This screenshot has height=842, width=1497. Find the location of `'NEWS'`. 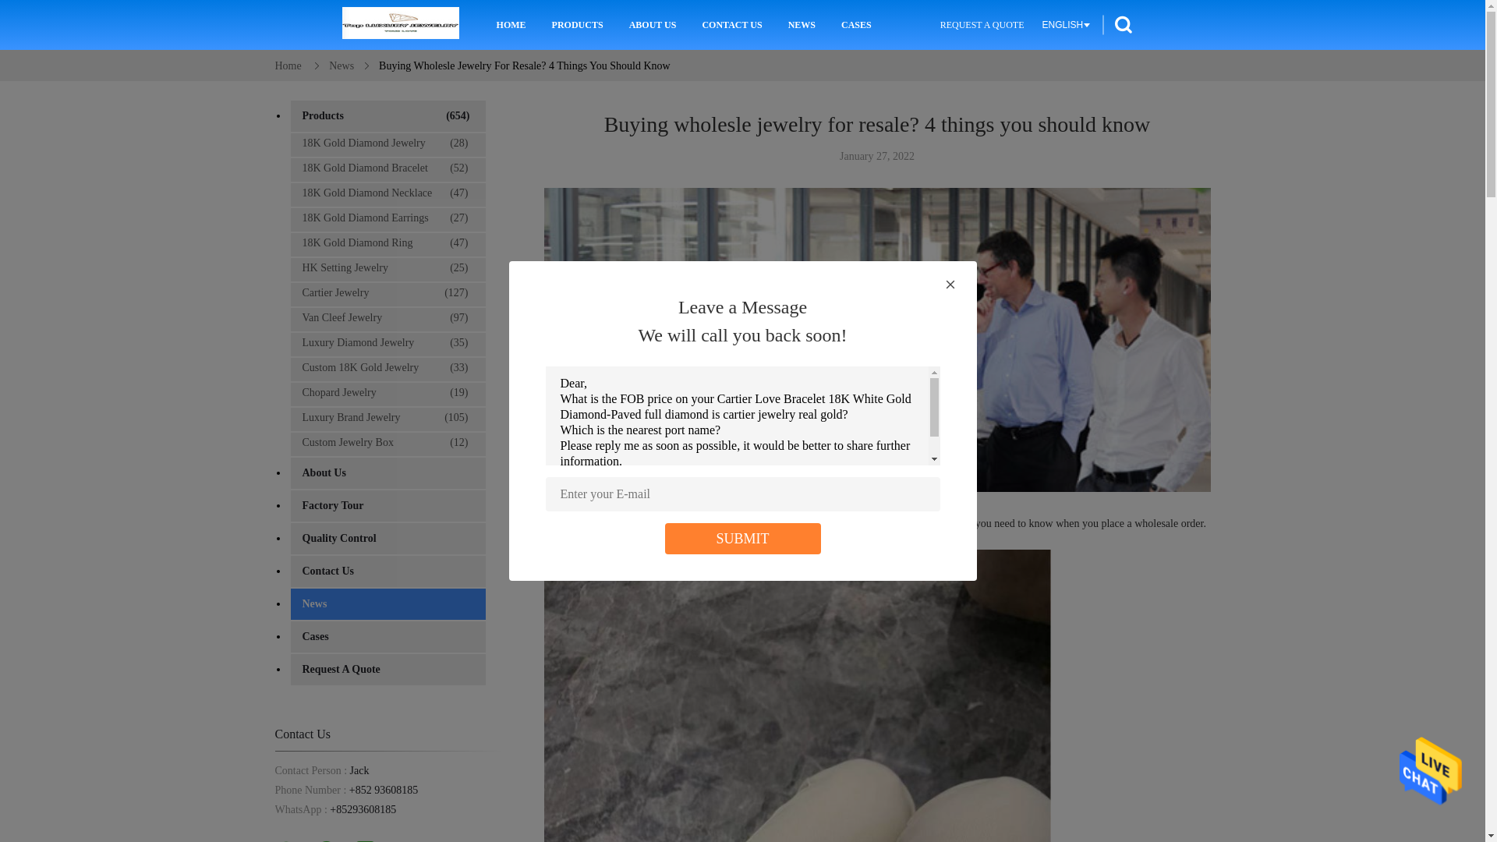

'NEWS' is located at coordinates (784, 24).